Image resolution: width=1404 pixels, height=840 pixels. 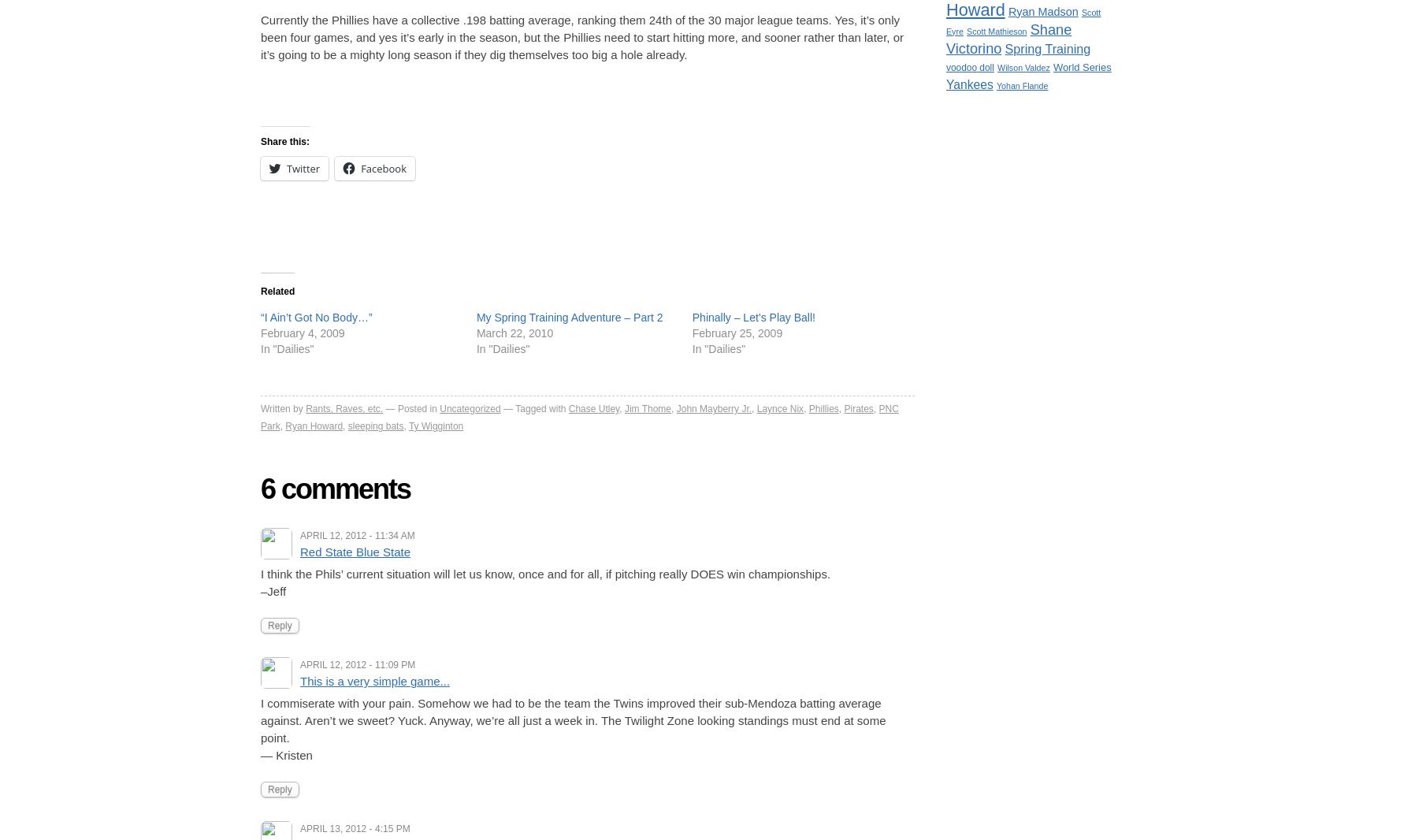 What do you see at coordinates (373, 681) in the screenshot?
I see `'This is a very simple game...'` at bounding box center [373, 681].